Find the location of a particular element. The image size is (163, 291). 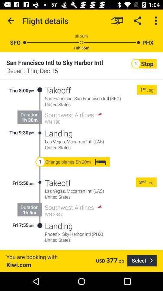

the item next to takeoff icon is located at coordinates (40, 111).